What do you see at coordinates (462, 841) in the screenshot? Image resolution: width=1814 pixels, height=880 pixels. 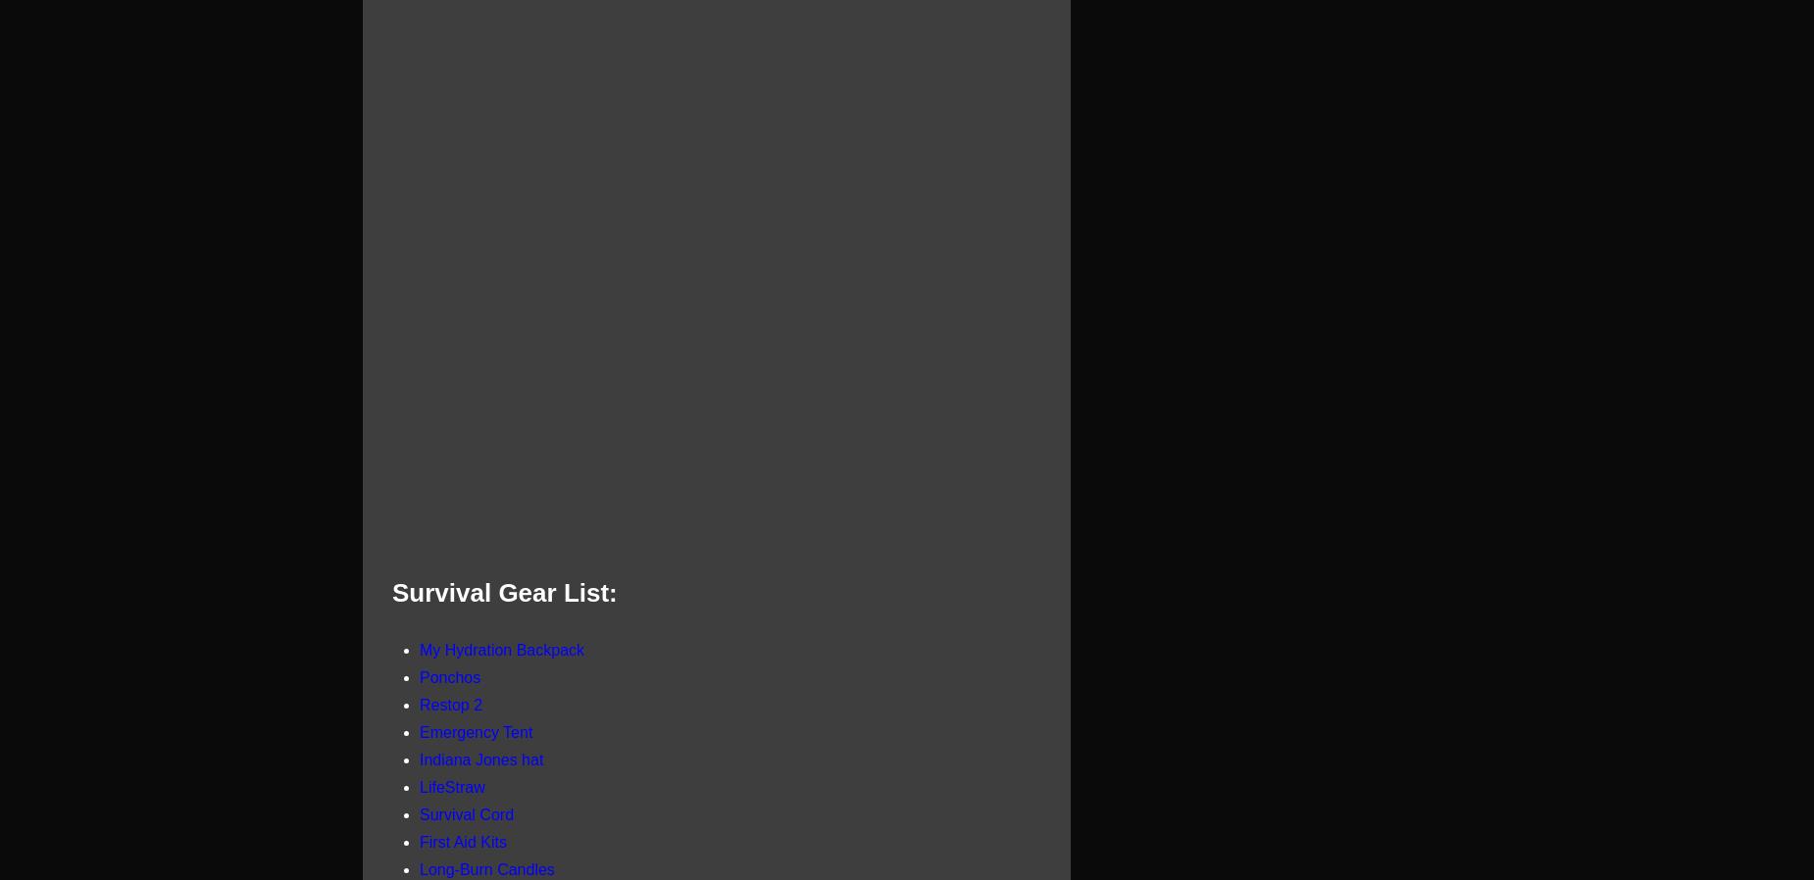 I see `'First Aid Kits'` at bounding box center [462, 841].